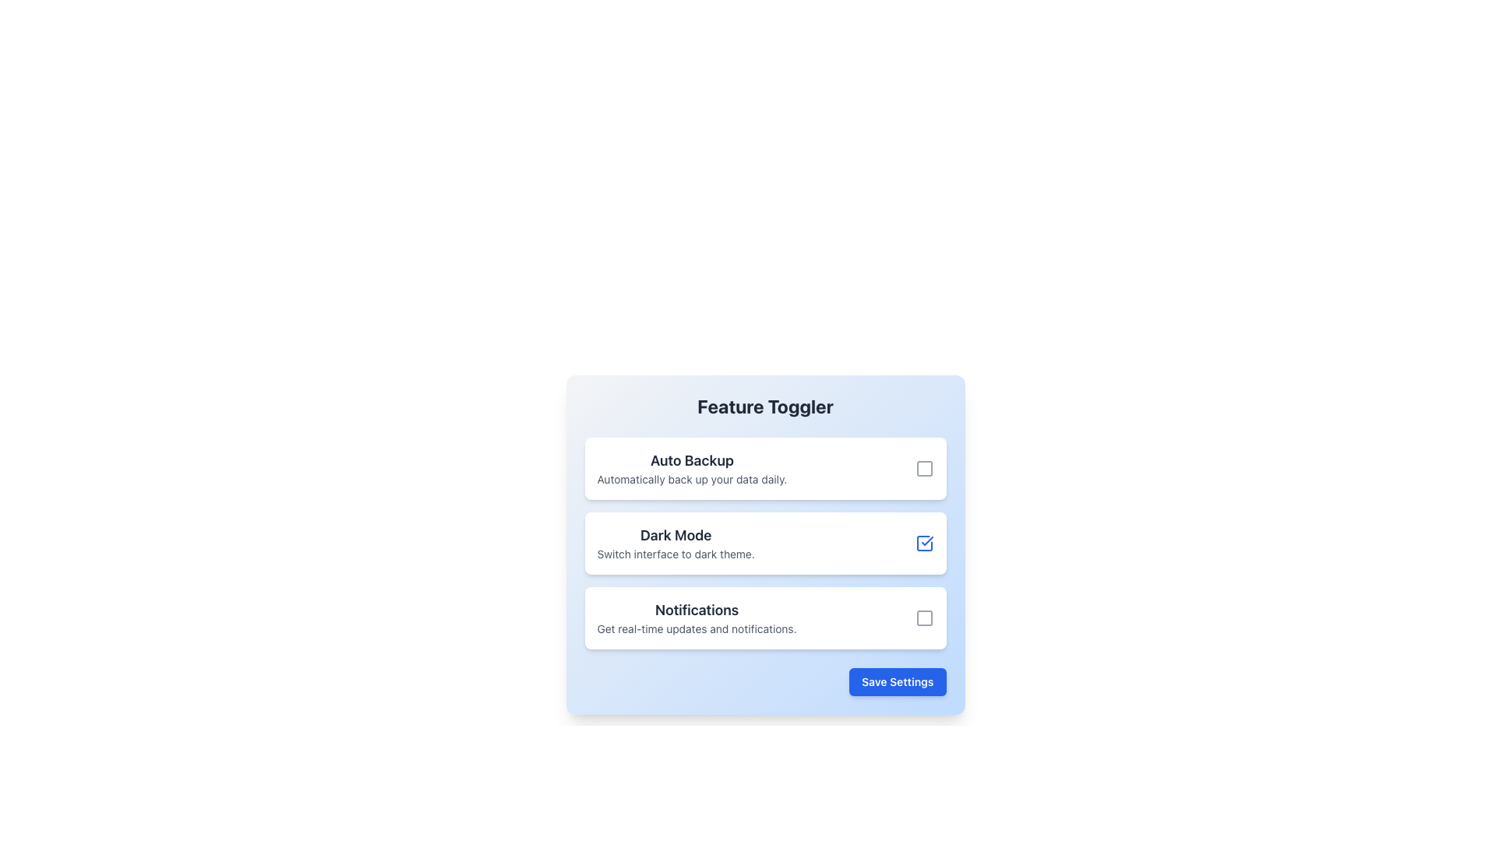  I want to click on the text block containing the bolded header 'Notifications' and the subtext 'Get real-time updates and notifications.', so click(696, 618).